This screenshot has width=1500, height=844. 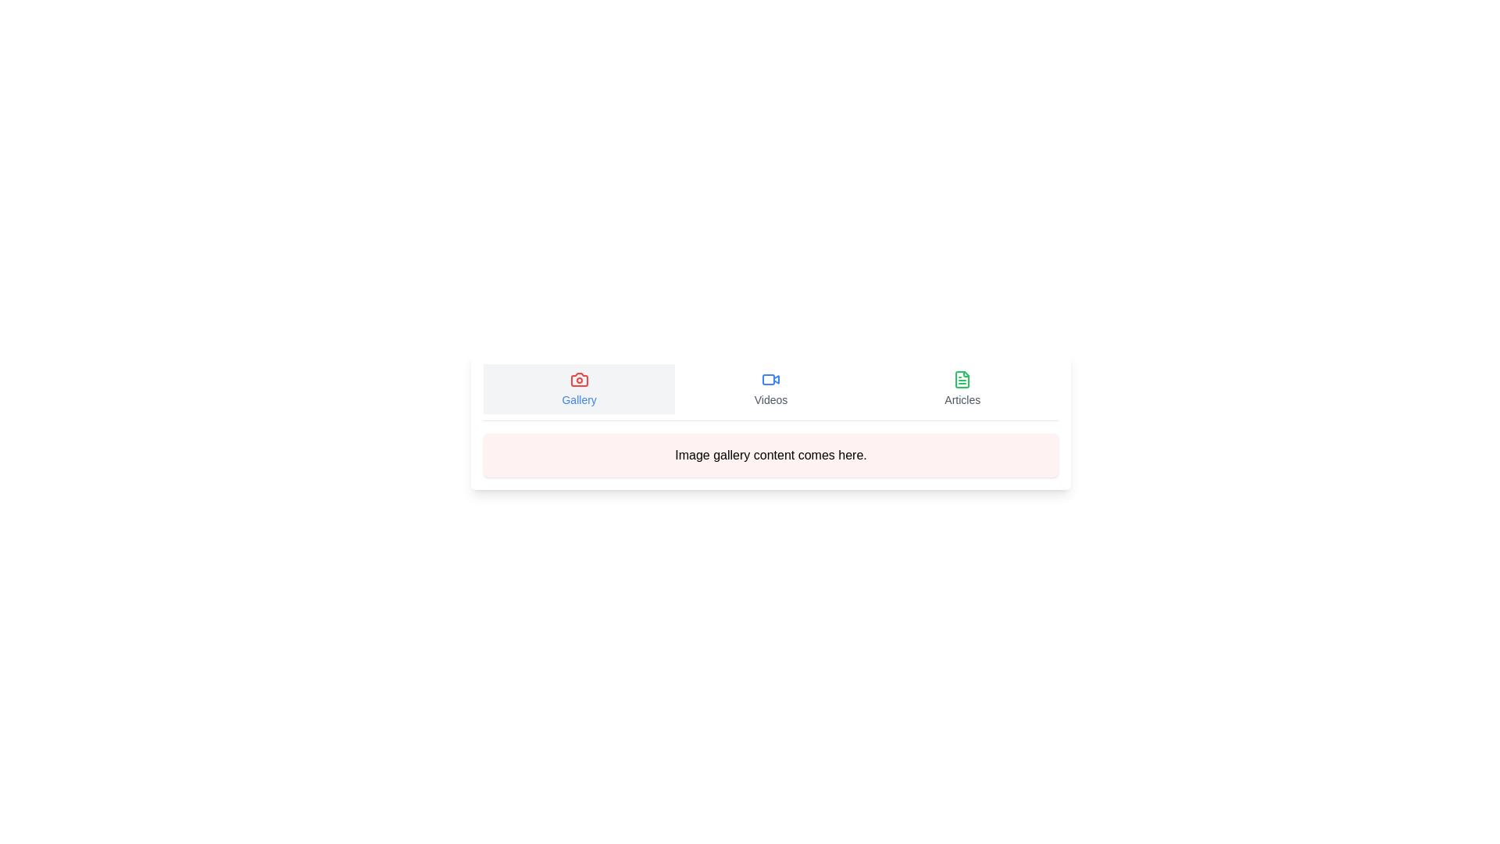 I want to click on the Articles tab by clicking on its button, so click(x=962, y=388).